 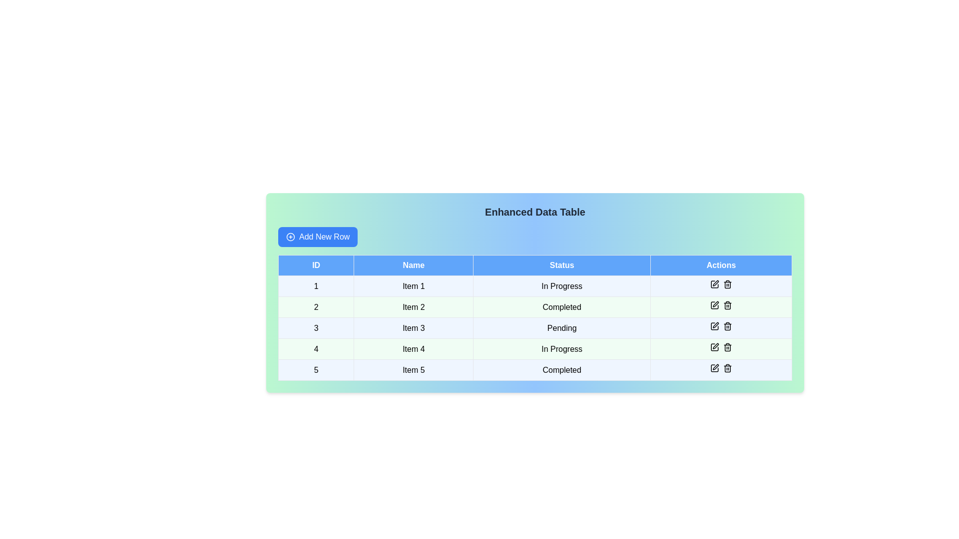 What do you see at coordinates (316, 370) in the screenshot?
I see `the static text label representing the unique identifier or serial number for the last row in the table under the 'ID' header` at bounding box center [316, 370].